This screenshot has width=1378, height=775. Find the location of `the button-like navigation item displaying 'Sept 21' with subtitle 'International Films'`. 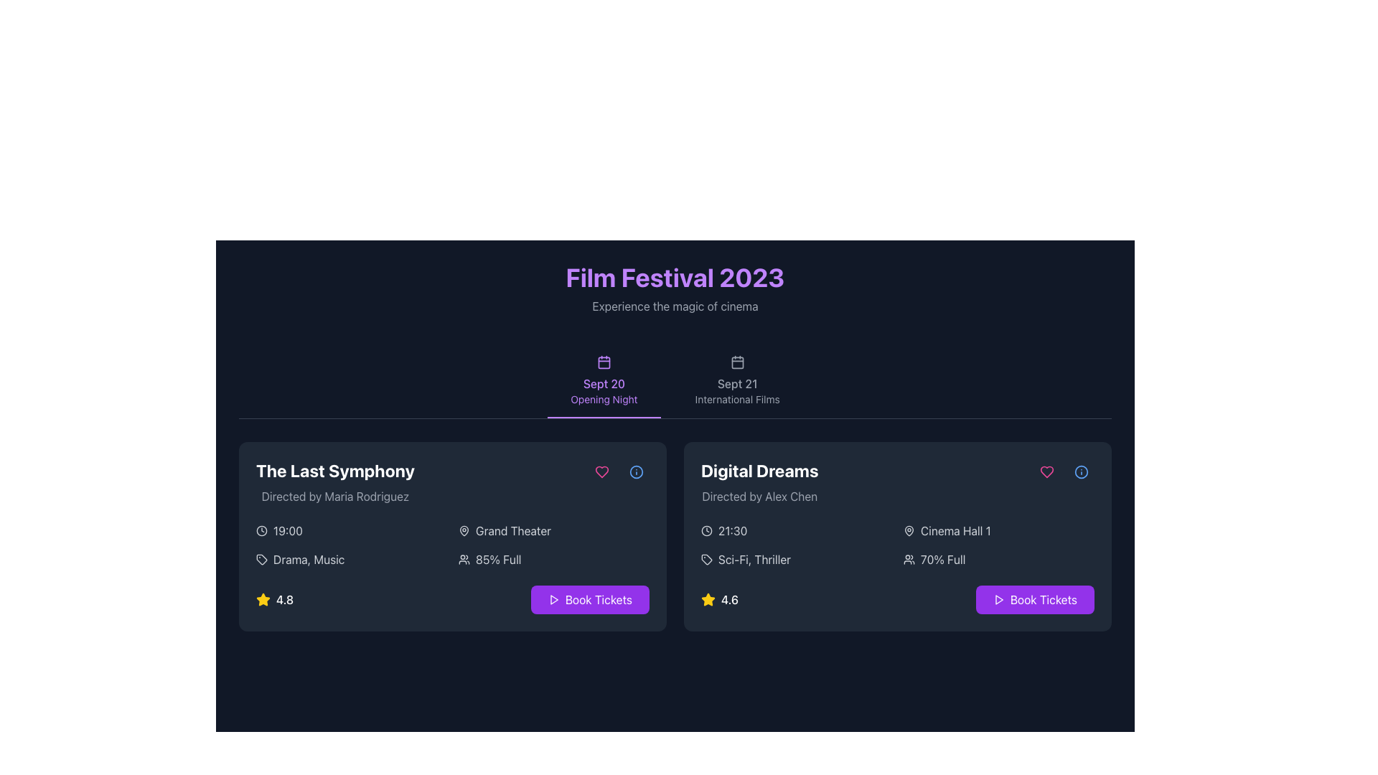

the button-like navigation item displaying 'Sept 21' with subtitle 'International Films' is located at coordinates (737, 380).